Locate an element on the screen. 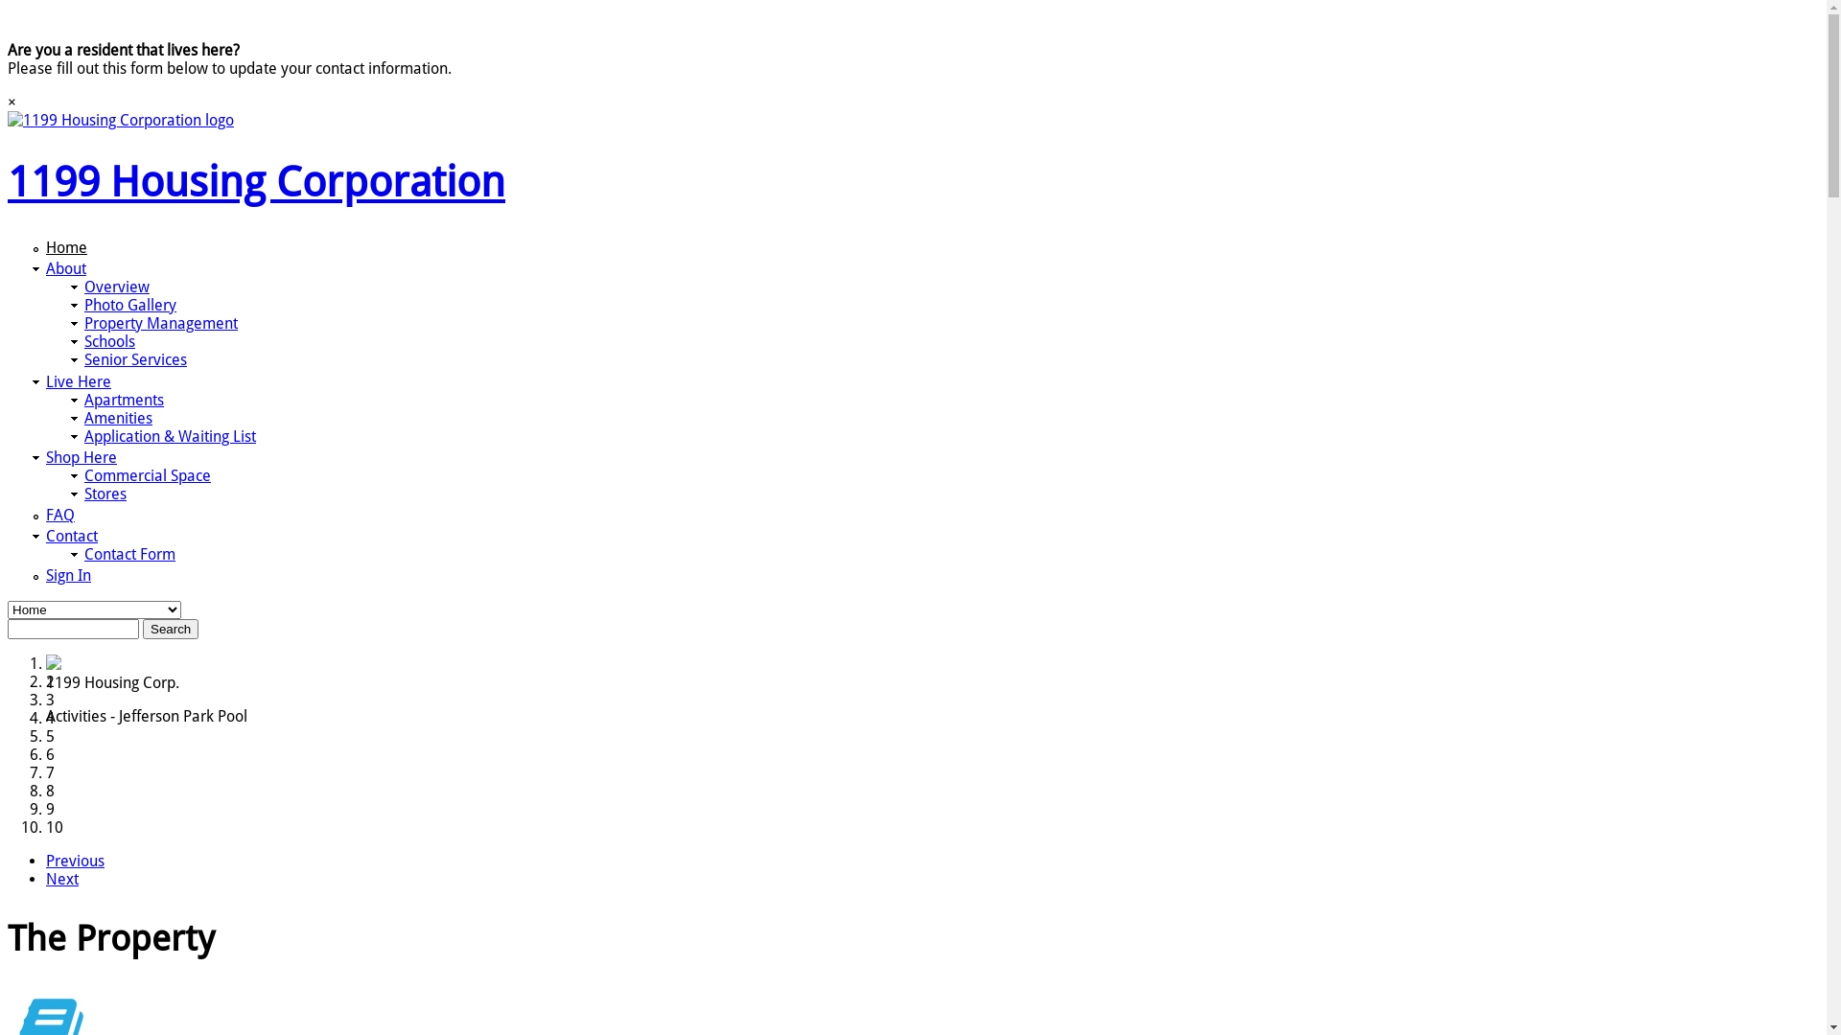 The height and width of the screenshot is (1035, 1841). 'Next' is located at coordinates (62, 879).